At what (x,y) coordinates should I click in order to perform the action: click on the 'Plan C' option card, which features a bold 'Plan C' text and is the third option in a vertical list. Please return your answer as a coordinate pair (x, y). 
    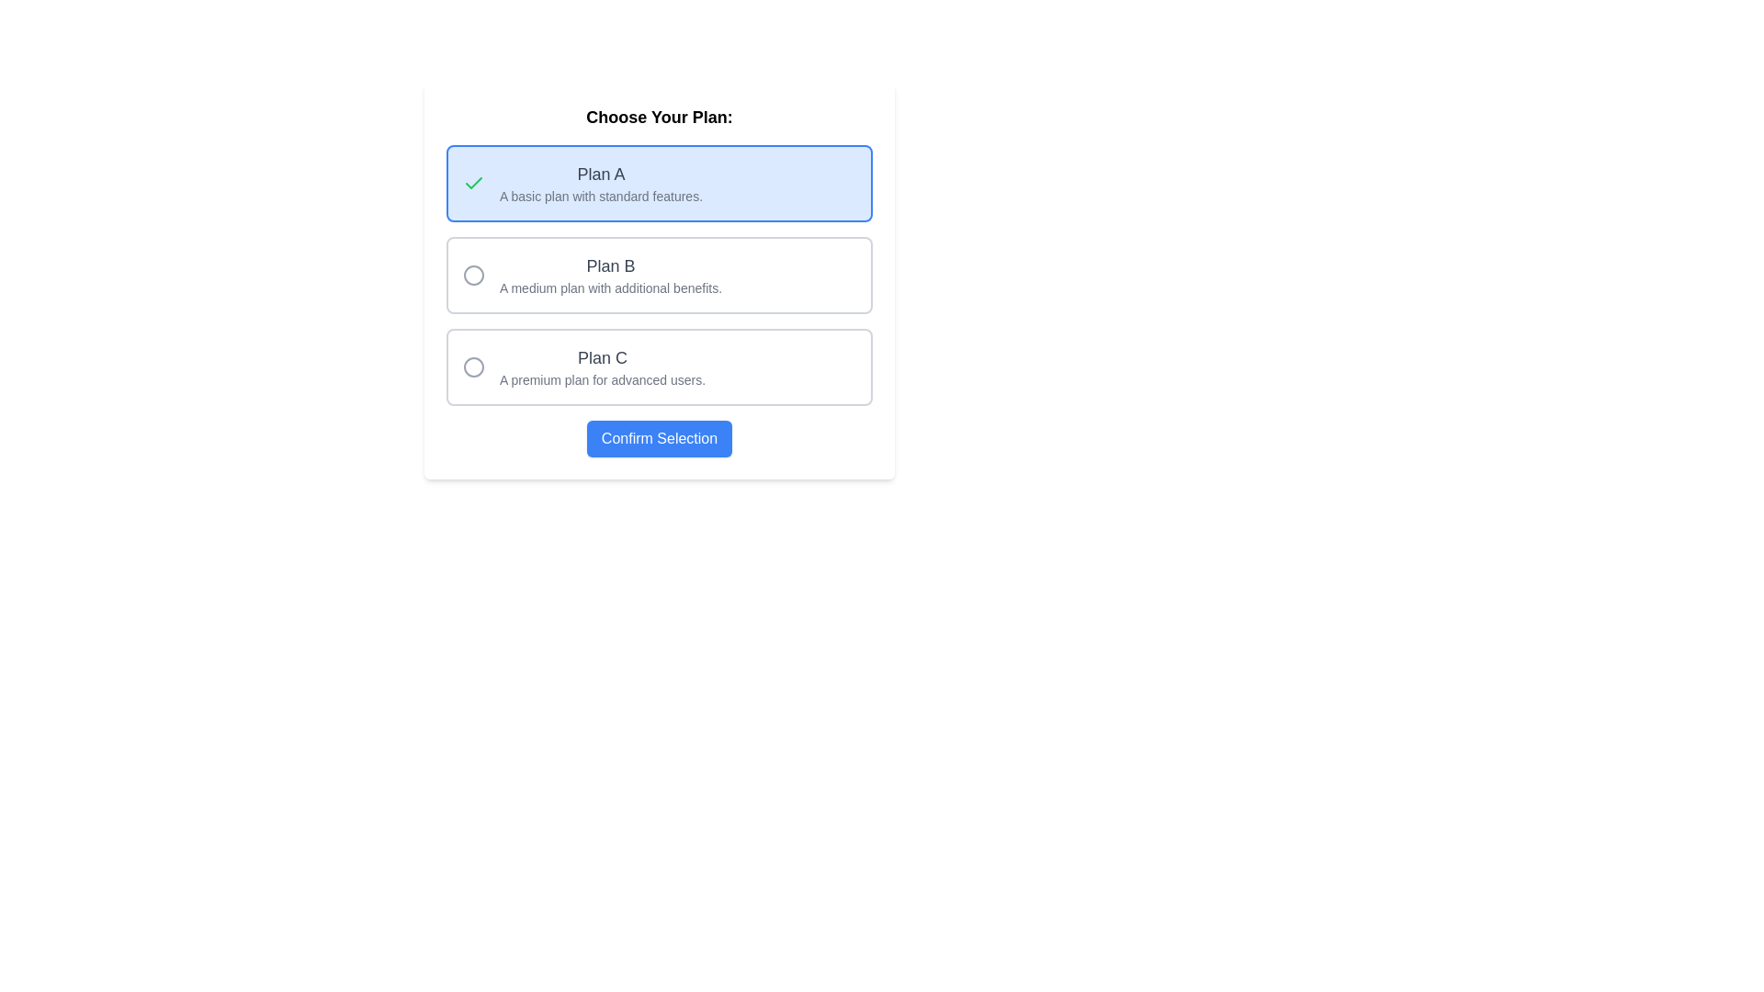
    Looking at the image, I should click on (660, 367).